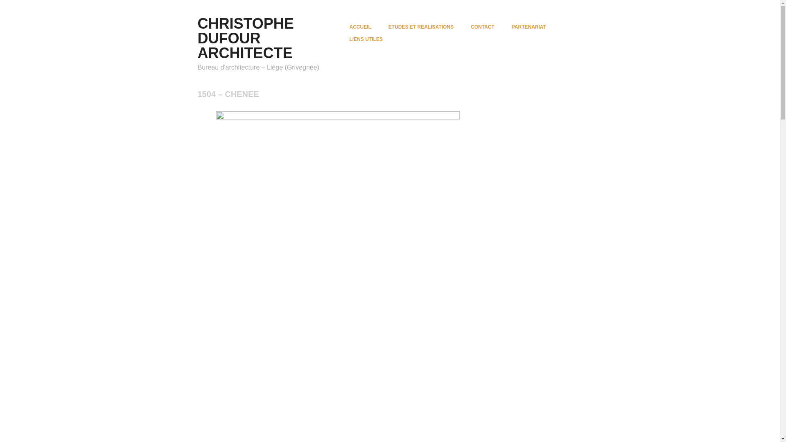 The width and height of the screenshot is (786, 442). What do you see at coordinates (421, 26) in the screenshot?
I see `'ETUDES ET REALISATIONS'` at bounding box center [421, 26].